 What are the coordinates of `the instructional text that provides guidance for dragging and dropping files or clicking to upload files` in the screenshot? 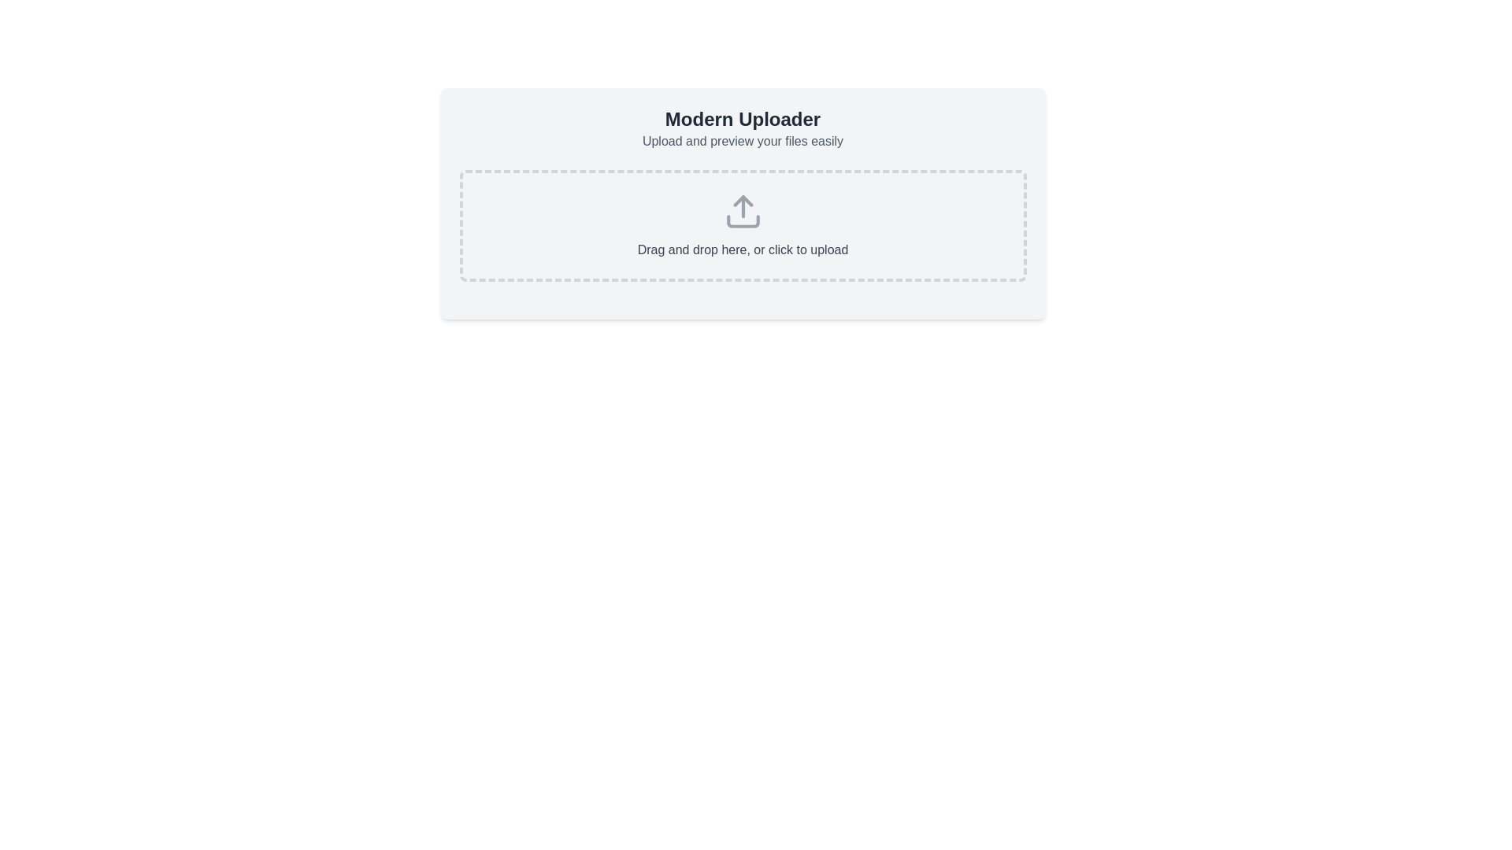 It's located at (742, 249).